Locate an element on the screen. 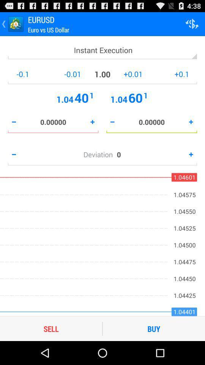 The height and width of the screenshot is (365, 205). the buy icon is located at coordinates (154, 328).